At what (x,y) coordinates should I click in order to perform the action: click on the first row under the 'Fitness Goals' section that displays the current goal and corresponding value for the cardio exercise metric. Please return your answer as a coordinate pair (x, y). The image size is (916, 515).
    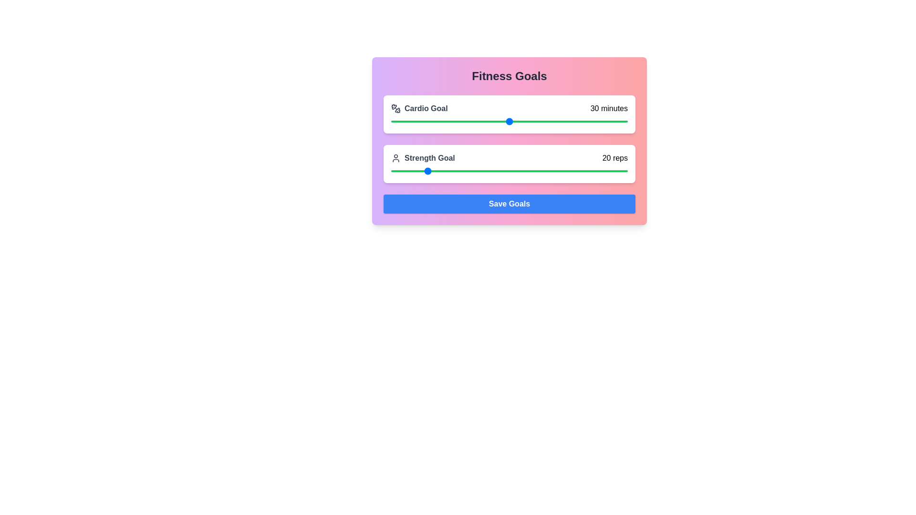
    Looking at the image, I should click on (509, 108).